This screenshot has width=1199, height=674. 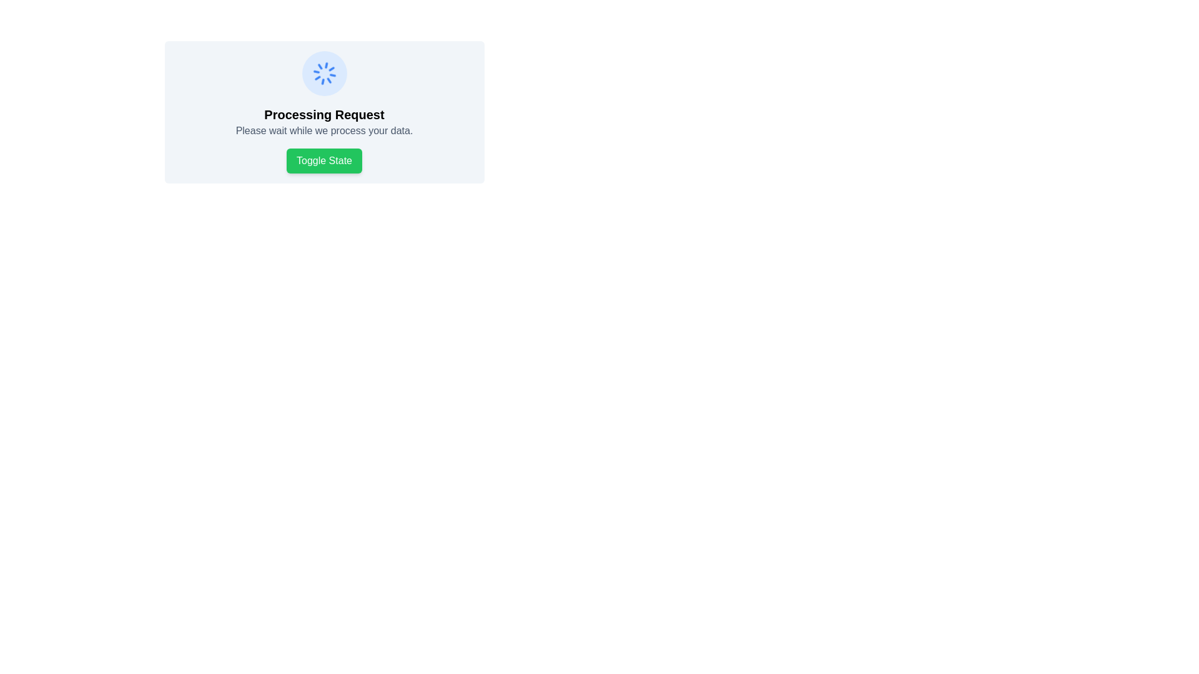 What do you see at coordinates (324, 130) in the screenshot?
I see `the label displaying the text 'Please wait while we process your data.' which is styled in slate-gray color and is center-aligned, located between the 'Processing Request' title and the 'Toggle State' button` at bounding box center [324, 130].